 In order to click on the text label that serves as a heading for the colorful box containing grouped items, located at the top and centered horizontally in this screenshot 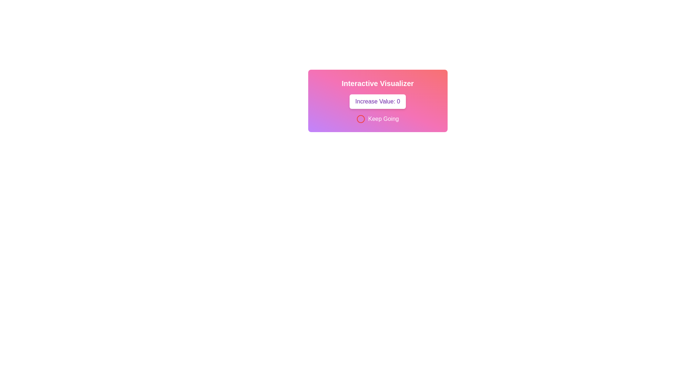, I will do `click(378, 83)`.